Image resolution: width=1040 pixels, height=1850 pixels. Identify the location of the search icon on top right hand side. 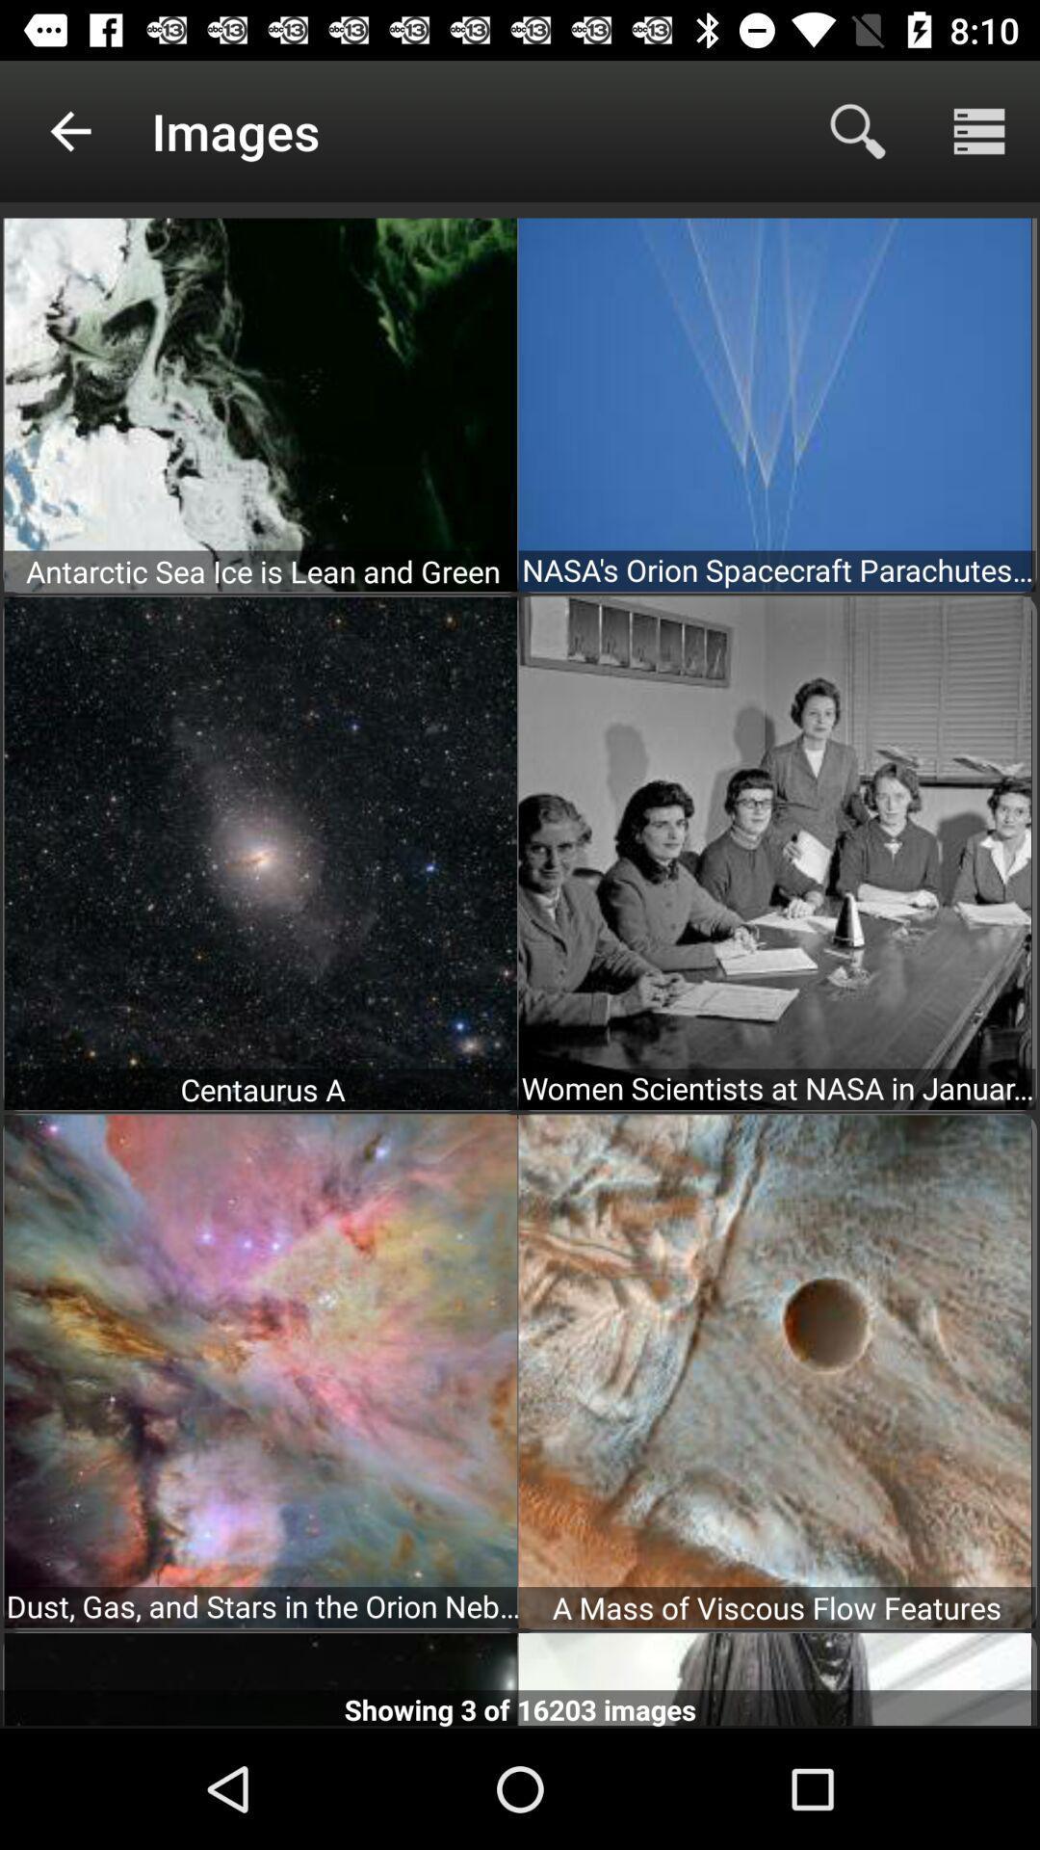
(857, 131).